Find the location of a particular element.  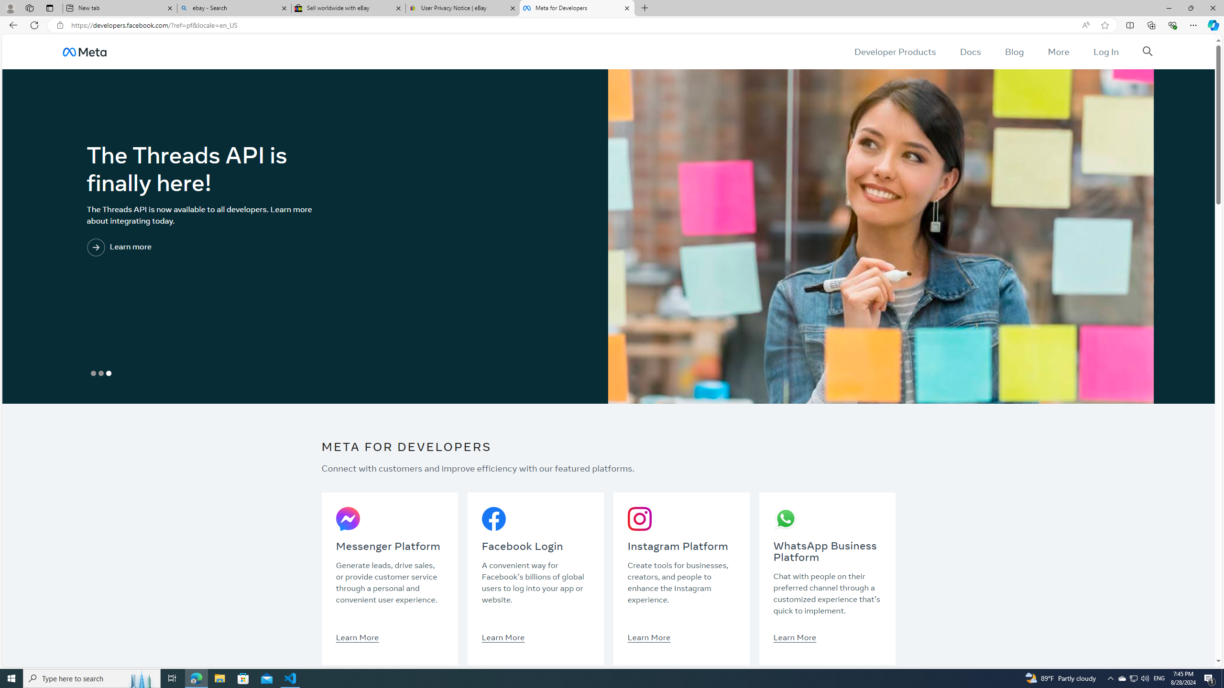

'Docs' is located at coordinates (969, 51).